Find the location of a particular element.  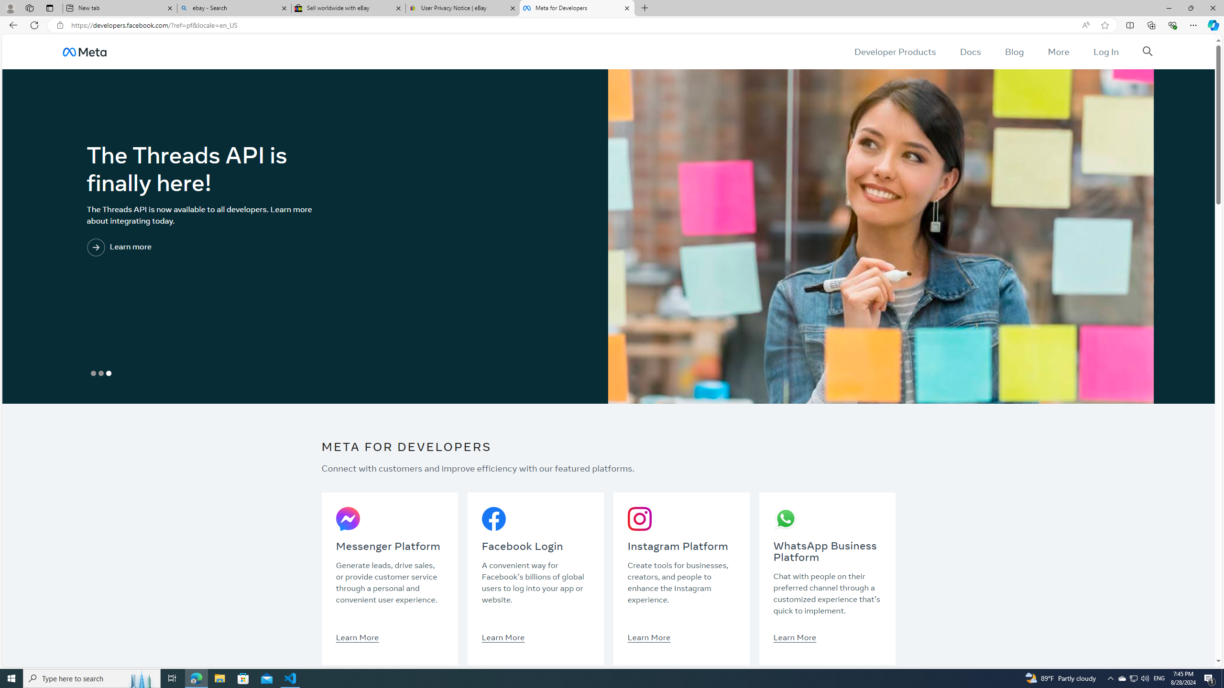

'Docs' is located at coordinates (969, 51).